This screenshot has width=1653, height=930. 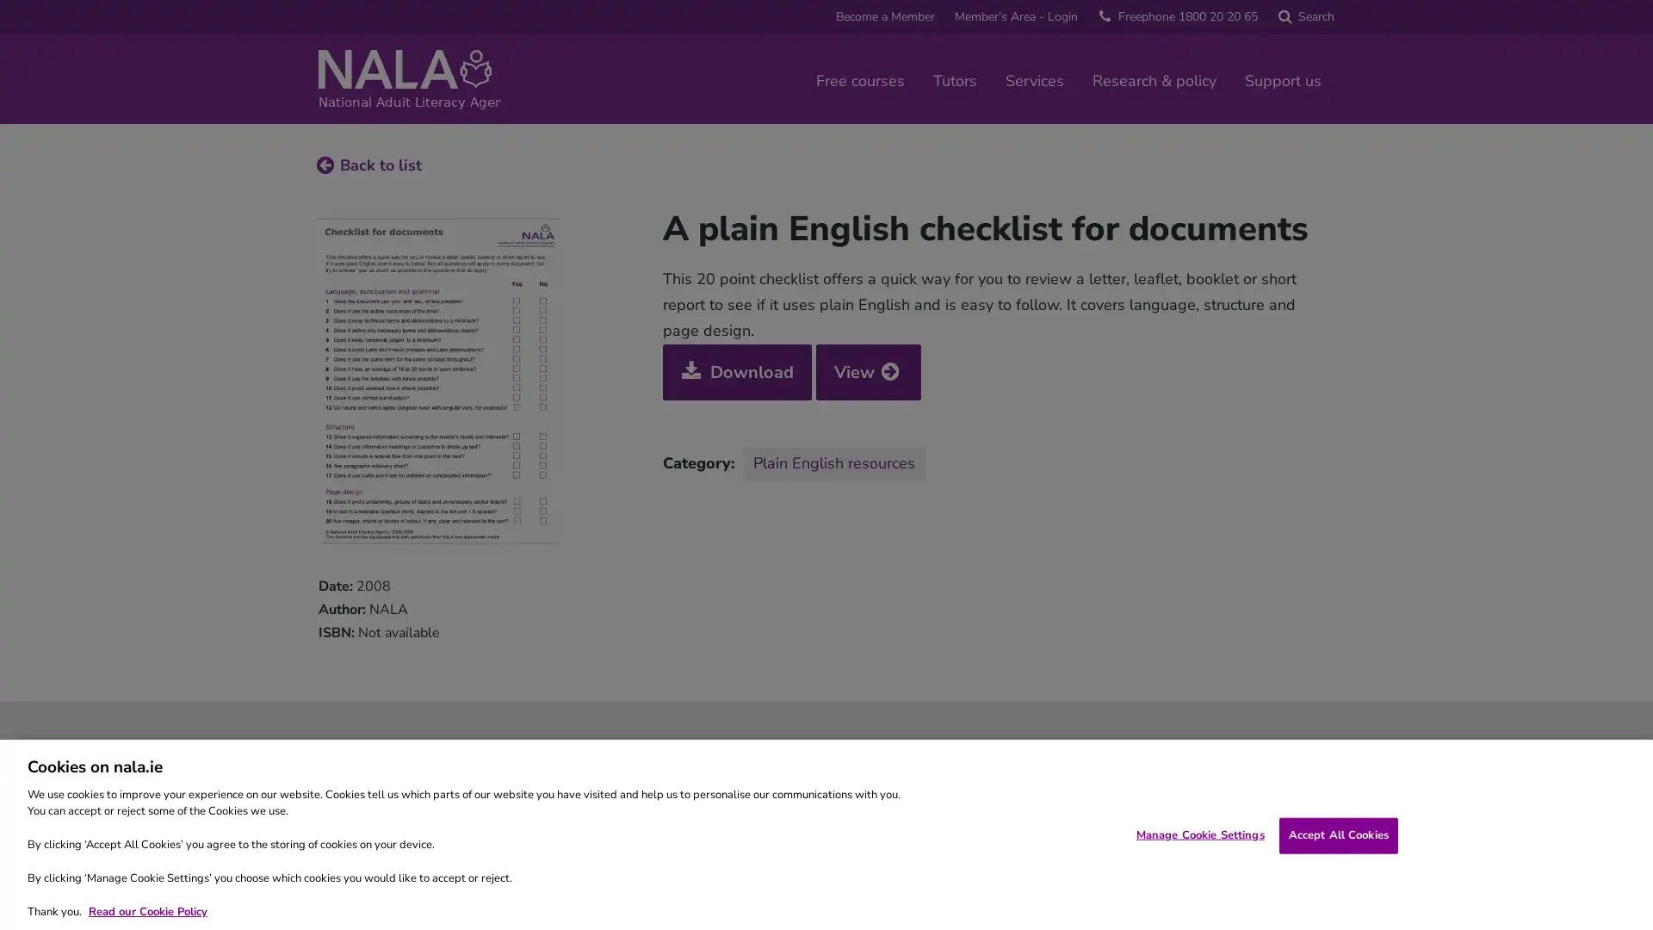 I want to click on Search, so click(x=1305, y=16).